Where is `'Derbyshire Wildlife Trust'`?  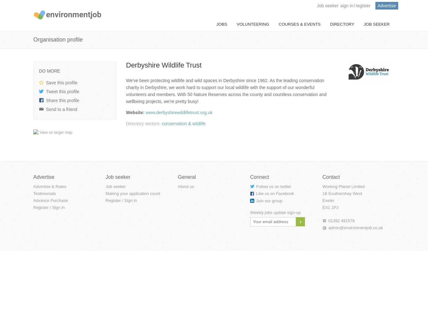
'Derbyshire Wildlife Trust' is located at coordinates (163, 64).